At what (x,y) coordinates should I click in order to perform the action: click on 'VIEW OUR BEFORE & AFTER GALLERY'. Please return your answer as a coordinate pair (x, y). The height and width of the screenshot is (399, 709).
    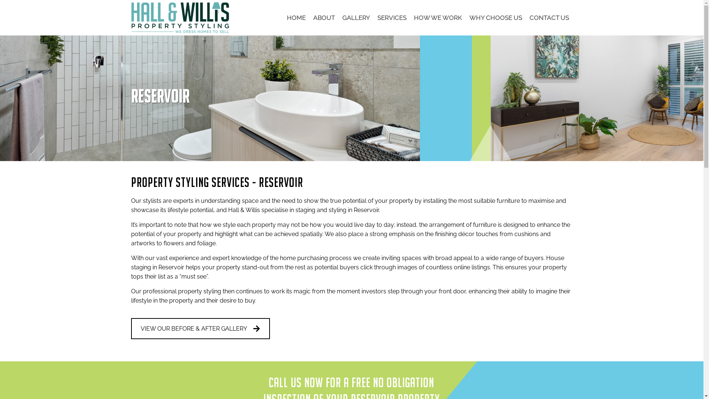
    Looking at the image, I should click on (131, 328).